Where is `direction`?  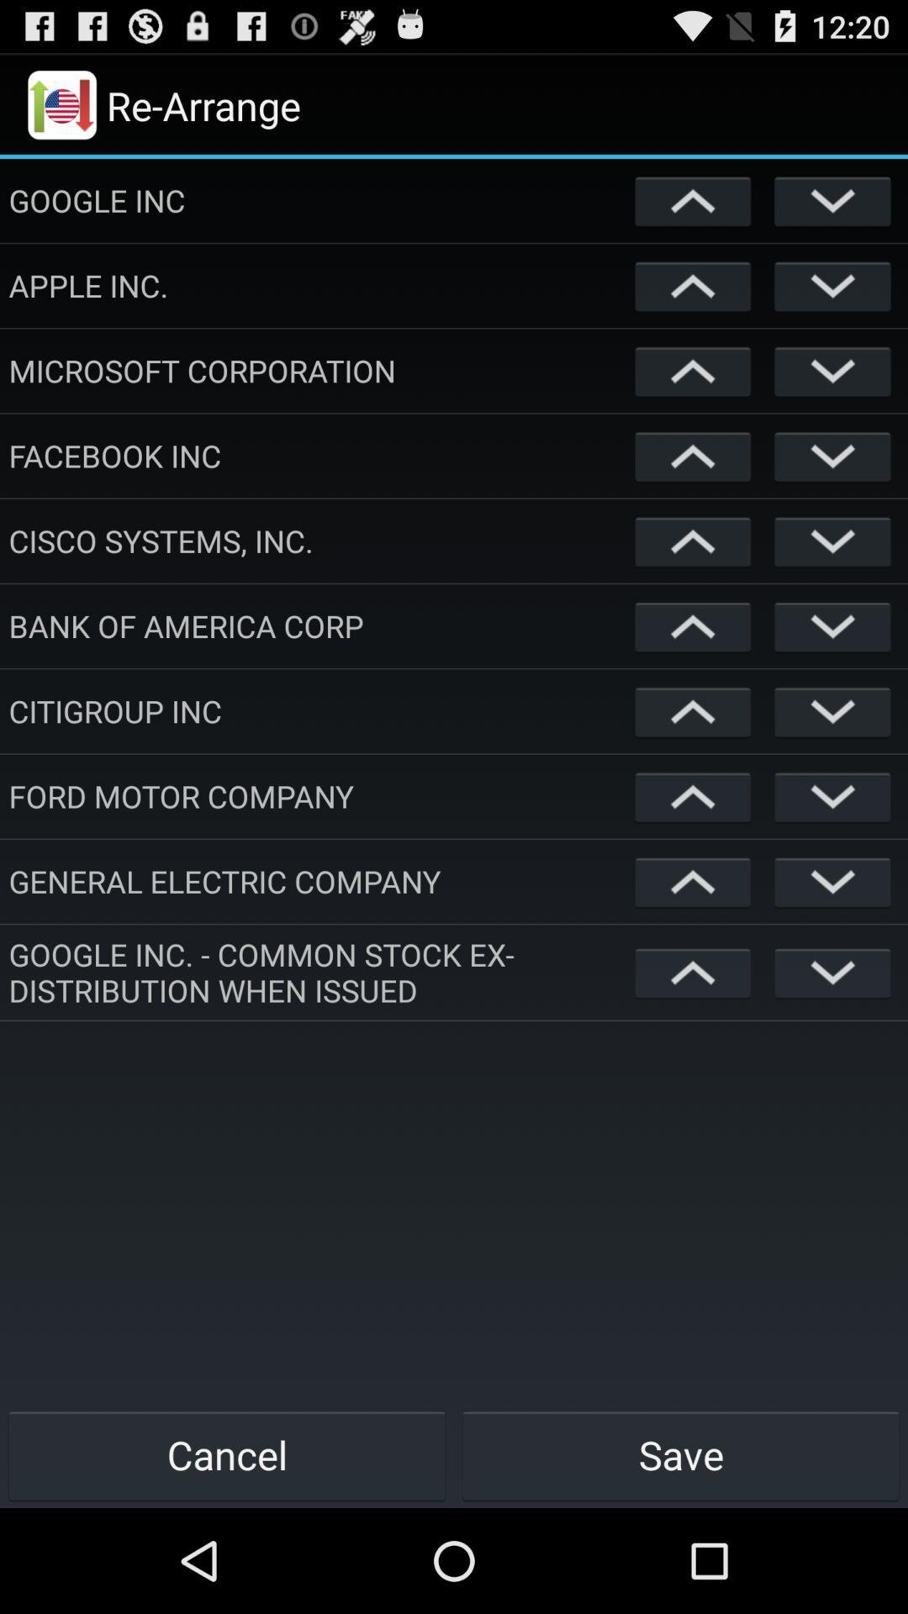
direction is located at coordinates (693, 370).